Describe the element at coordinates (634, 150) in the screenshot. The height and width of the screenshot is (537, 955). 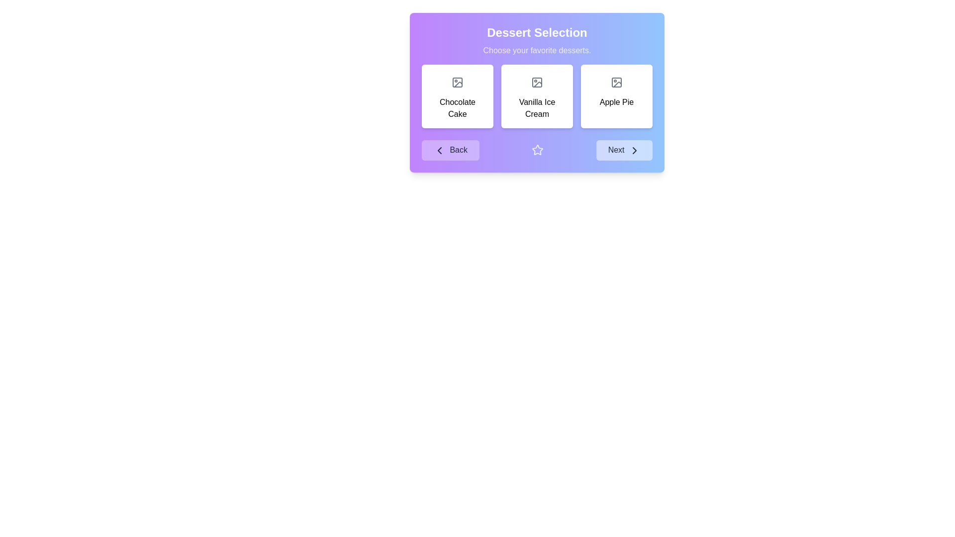
I see `the navigation icon located within the 'Next' button at the bottom right of the card interface, which serves as a visual indicator for proceeding to the next step` at that location.